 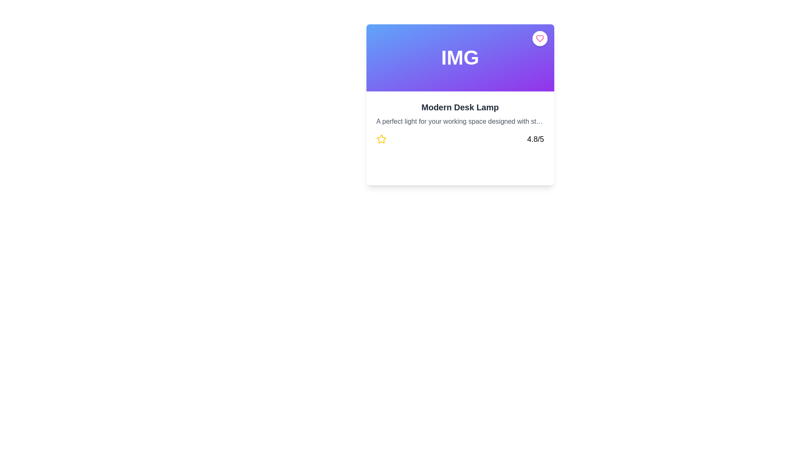 I want to click on the star icon representing the rating system for the 'Modern Desk Lamp' which indicates a rating of '4.8/5', so click(x=381, y=138).